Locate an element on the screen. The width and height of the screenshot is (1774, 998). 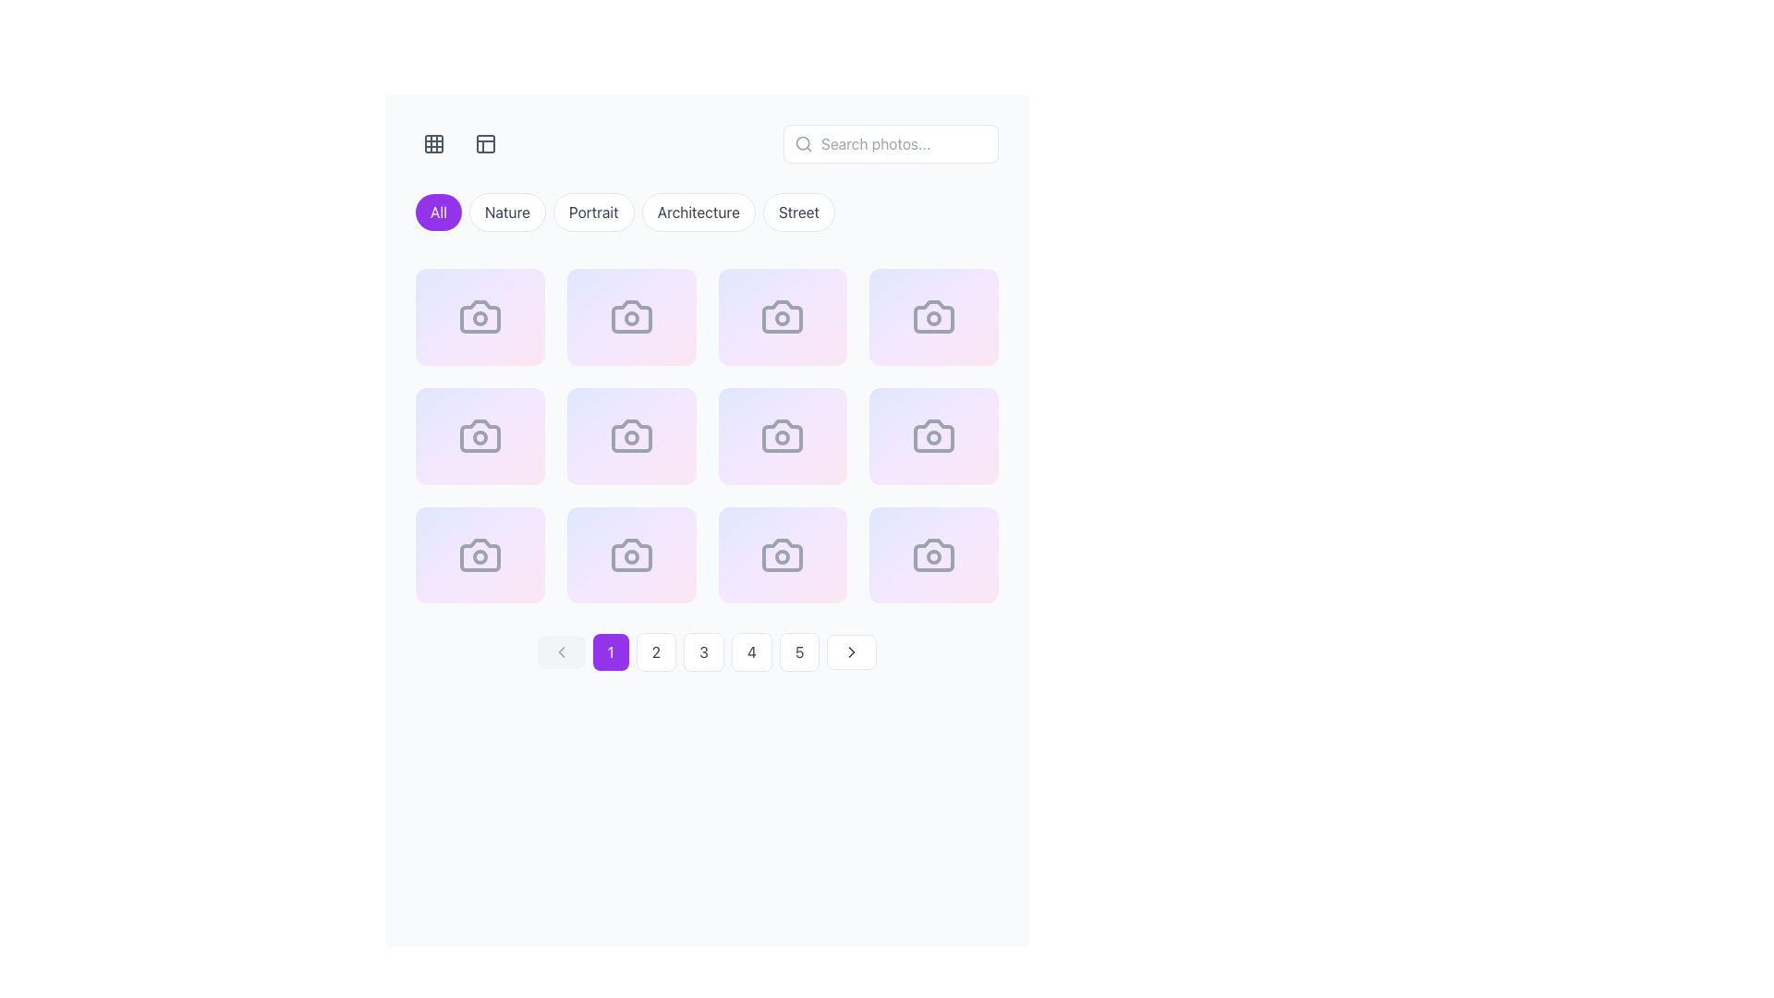
the static content block representing the photograph category 'Photograph #4' with the subcategory 'Architecture', located in the first row and fourth column of the grid layout is located at coordinates (934, 316).